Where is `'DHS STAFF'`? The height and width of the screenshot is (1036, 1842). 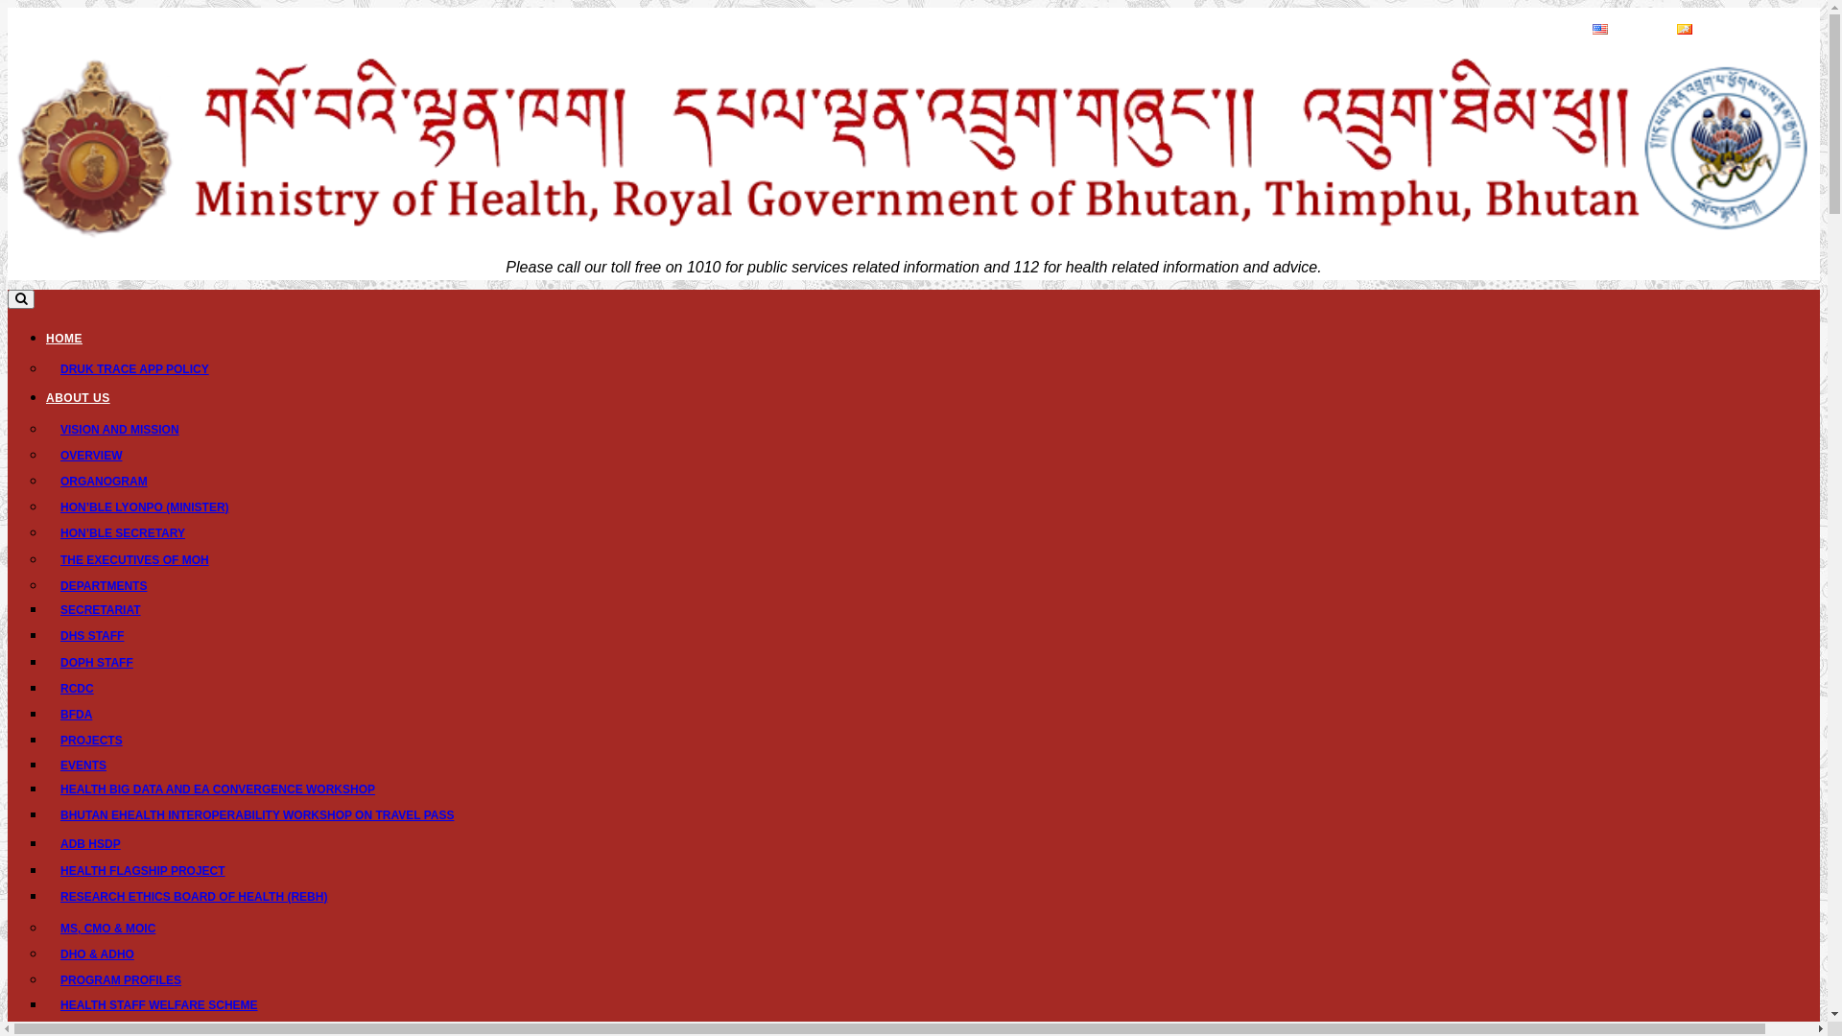
'DHS STAFF' is located at coordinates (100, 636).